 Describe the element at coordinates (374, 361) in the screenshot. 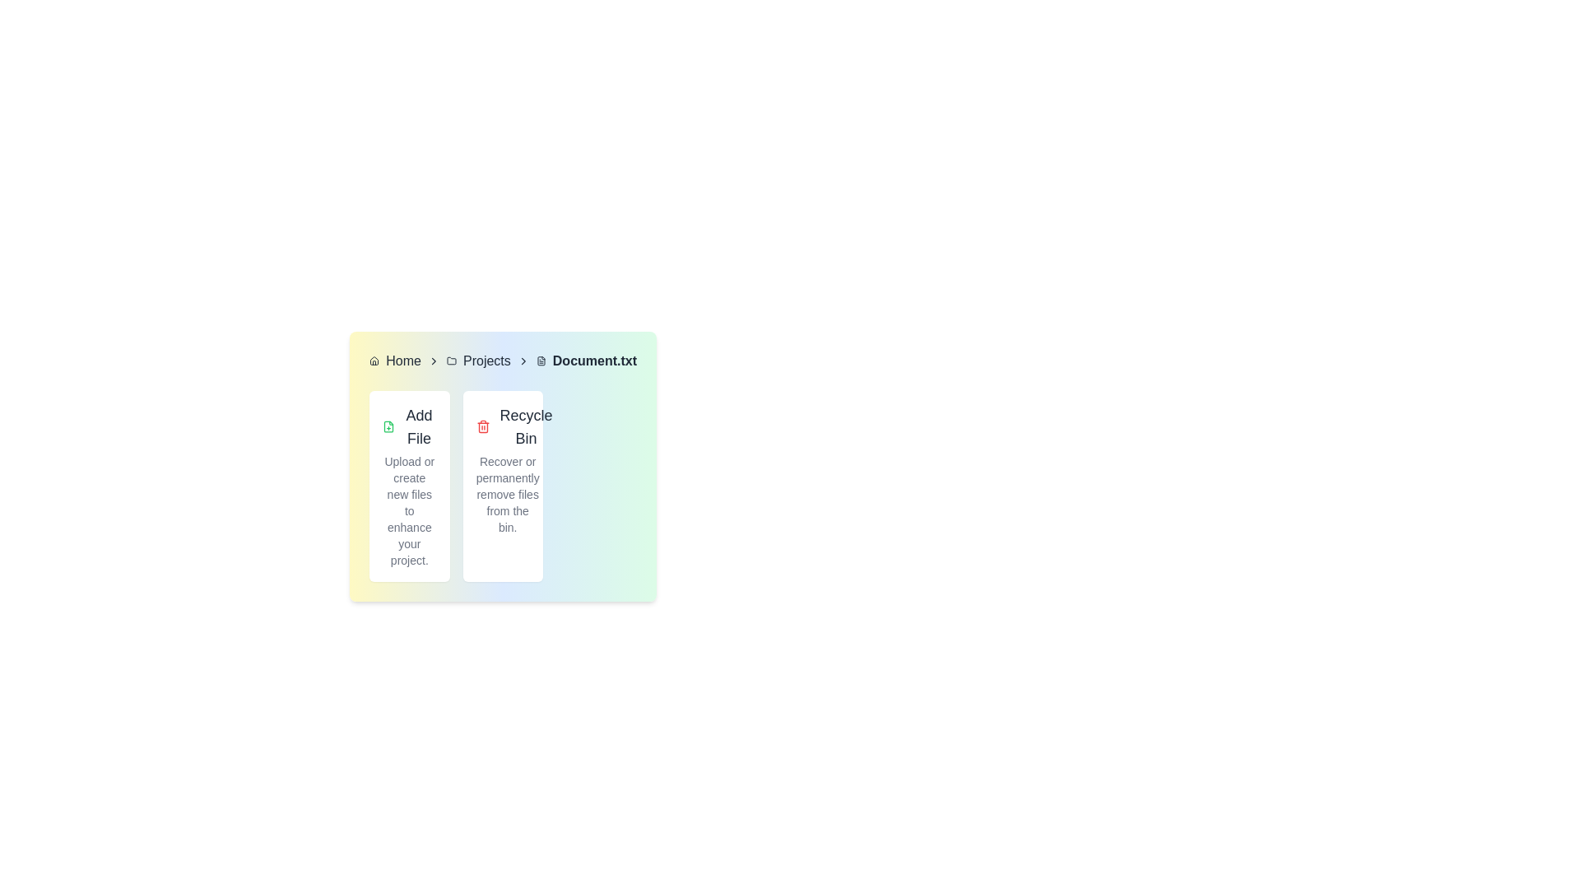

I see `the small house icon representing home in the breadcrumb navigation bar located at the top-left part of the interface` at that location.